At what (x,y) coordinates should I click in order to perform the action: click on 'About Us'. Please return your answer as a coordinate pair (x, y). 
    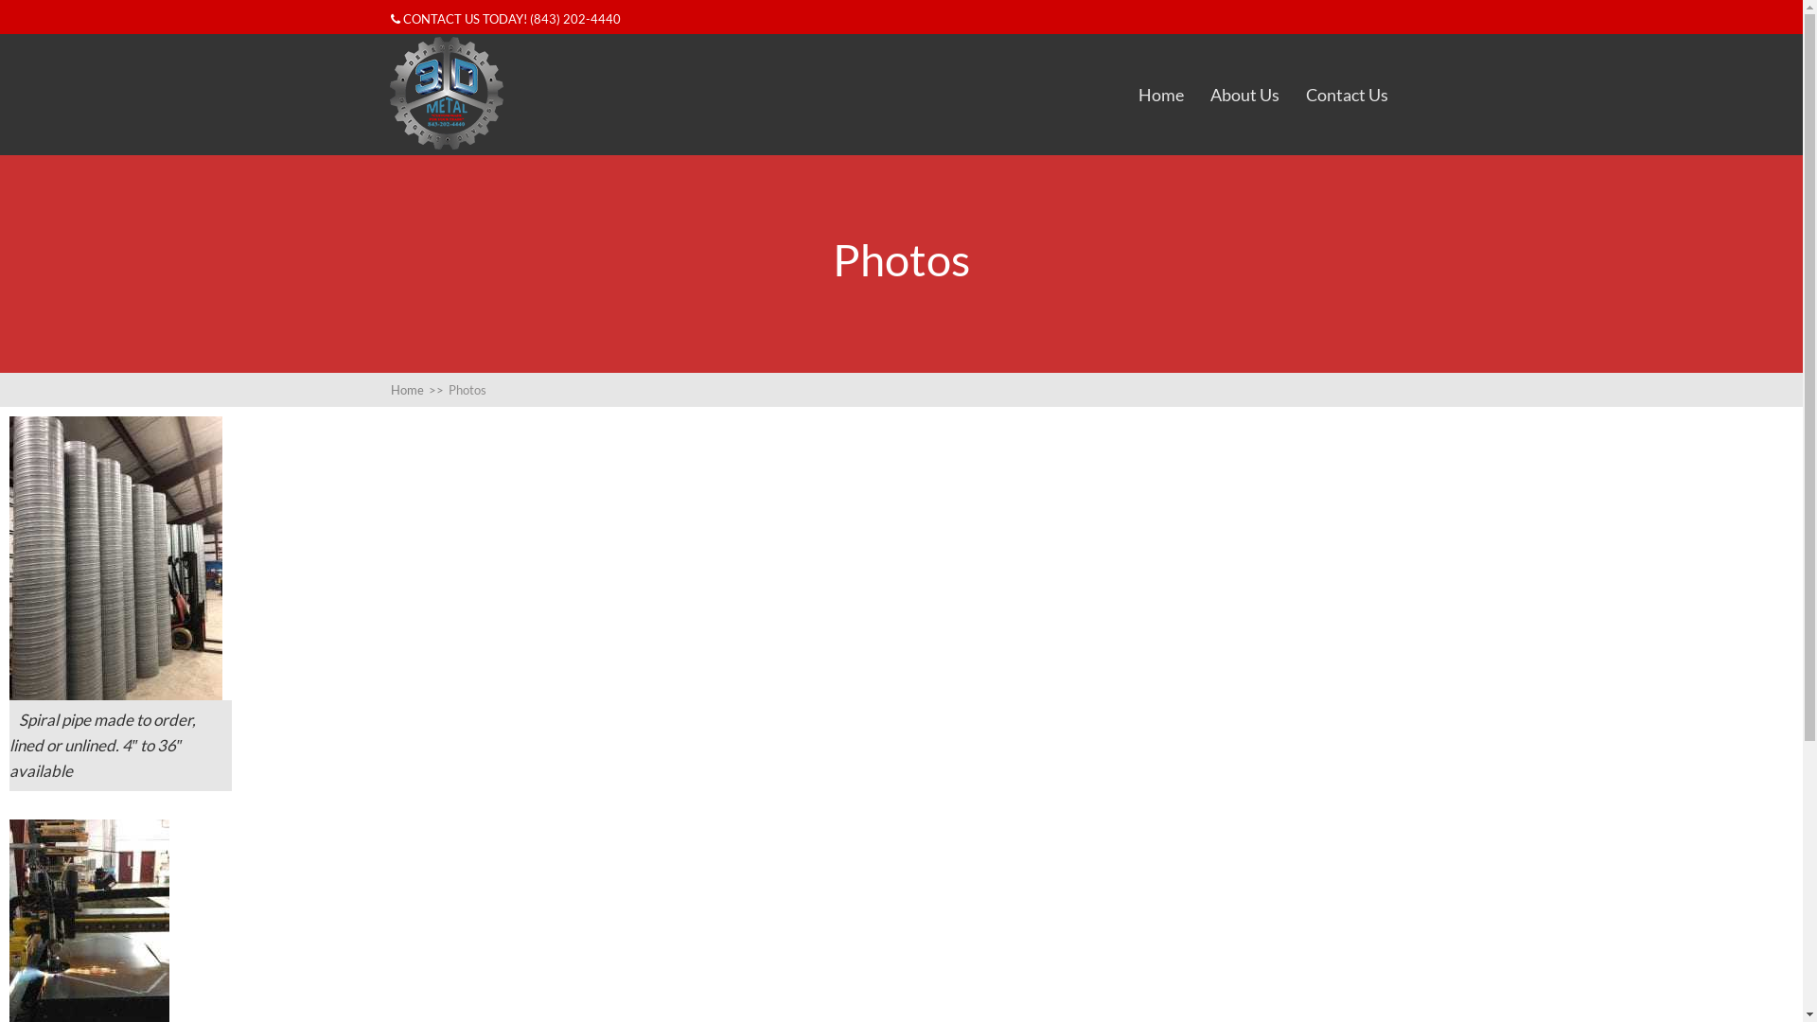
    Looking at the image, I should click on (1244, 95).